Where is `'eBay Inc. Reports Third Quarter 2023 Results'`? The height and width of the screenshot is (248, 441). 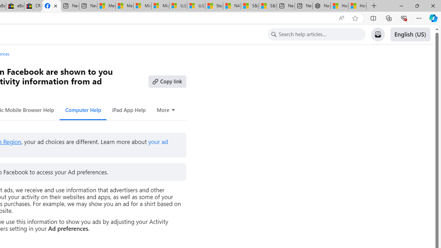 'eBay Inc. Reports Third Quarter 2023 Results' is located at coordinates (15, 6).